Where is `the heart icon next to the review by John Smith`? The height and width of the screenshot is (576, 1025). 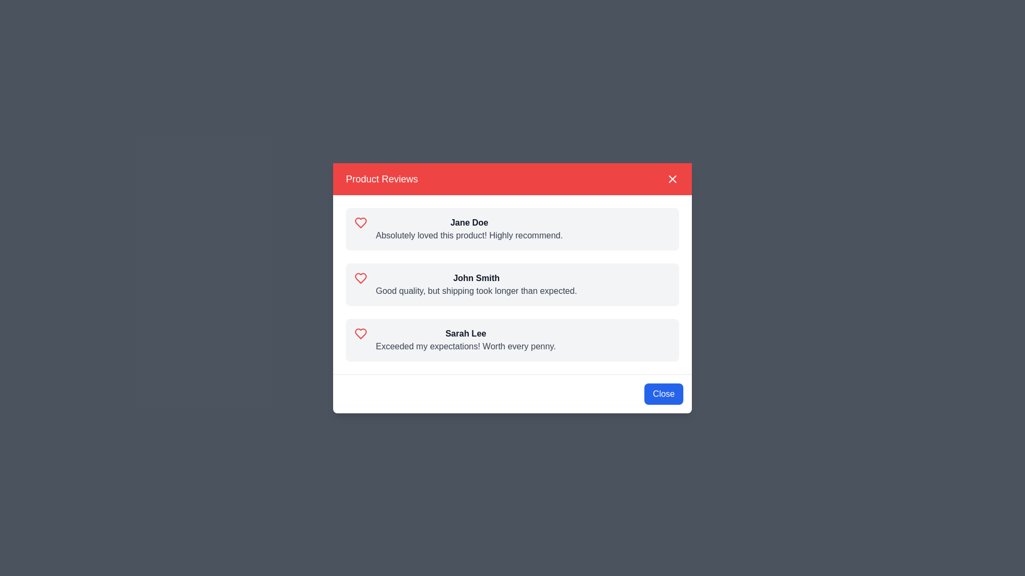 the heart icon next to the review by John Smith is located at coordinates (361, 277).